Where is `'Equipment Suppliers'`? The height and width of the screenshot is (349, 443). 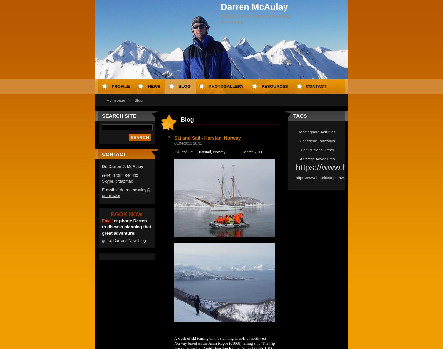
'Equipment Suppliers' is located at coordinates (254, 117).